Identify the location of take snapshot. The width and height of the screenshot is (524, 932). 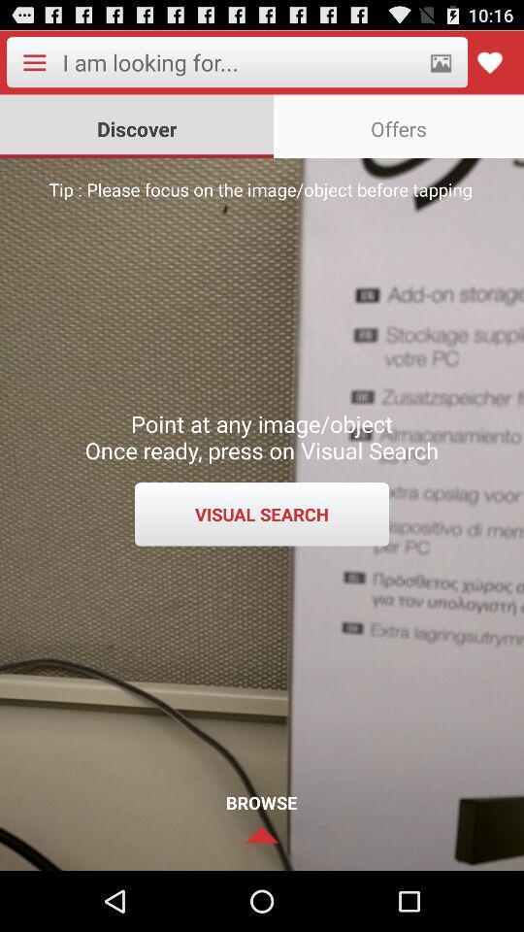
(441, 62).